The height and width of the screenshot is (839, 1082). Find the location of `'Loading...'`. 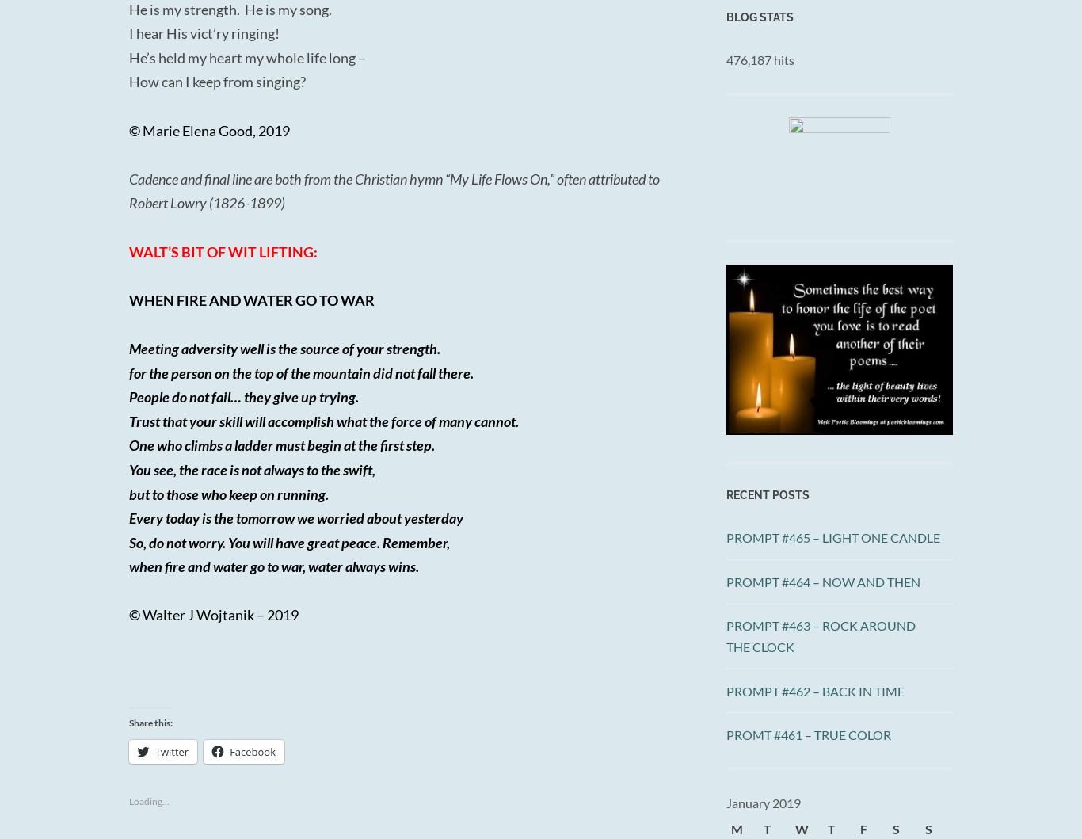

'Loading...' is located at coordinates (148, 800).